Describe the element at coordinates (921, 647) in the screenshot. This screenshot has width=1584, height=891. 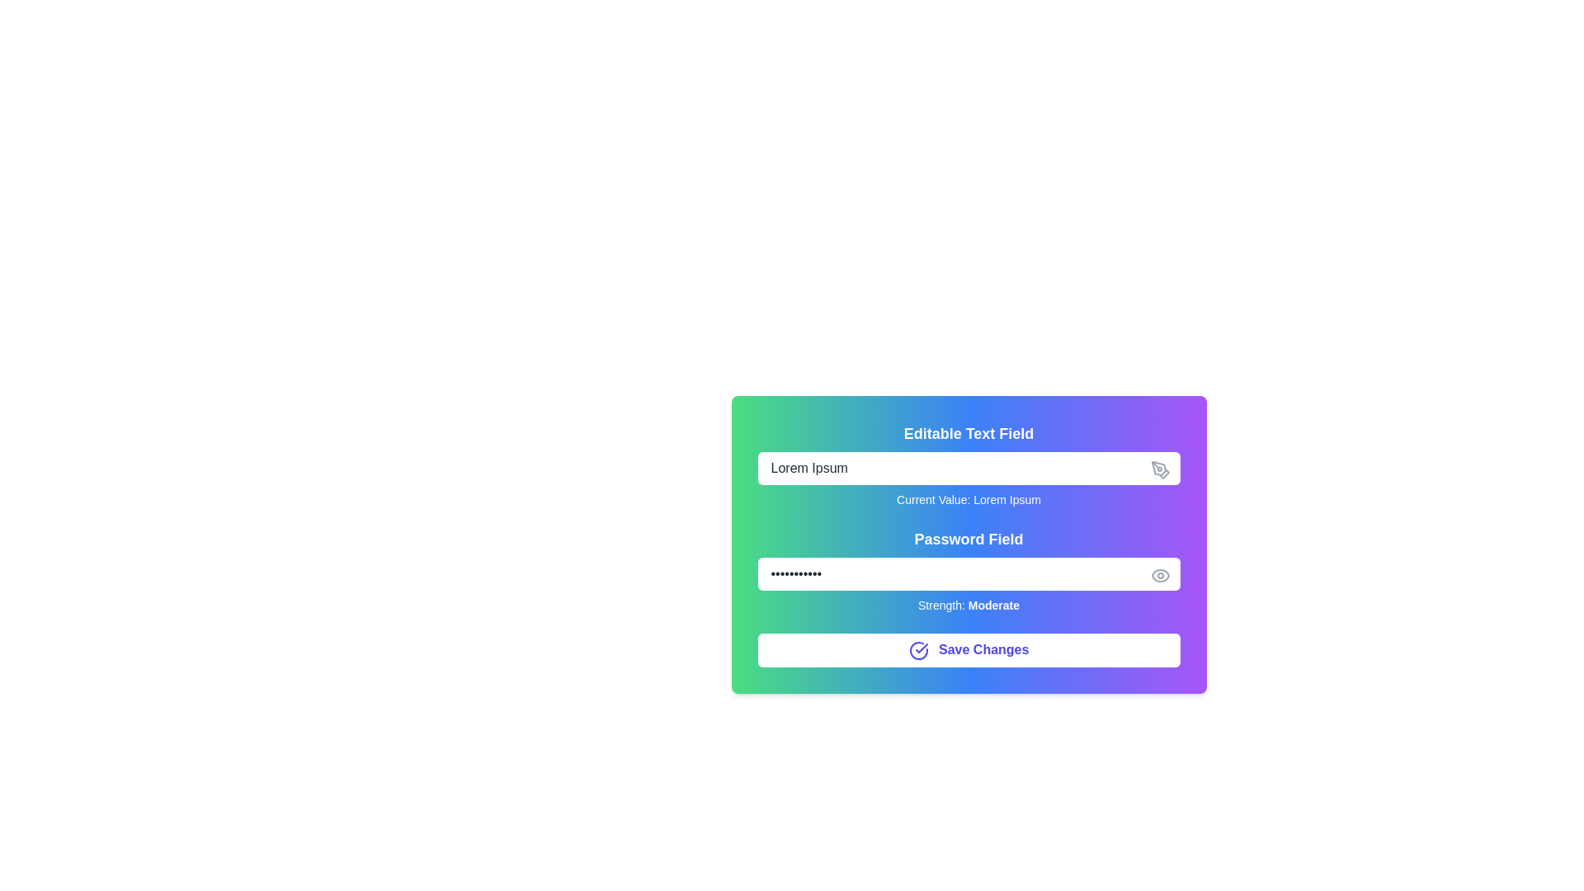
I see `the stylized checkmark icon located within the blue-purple gradient area above the 'Save Changes' text to interact with it` at that location.